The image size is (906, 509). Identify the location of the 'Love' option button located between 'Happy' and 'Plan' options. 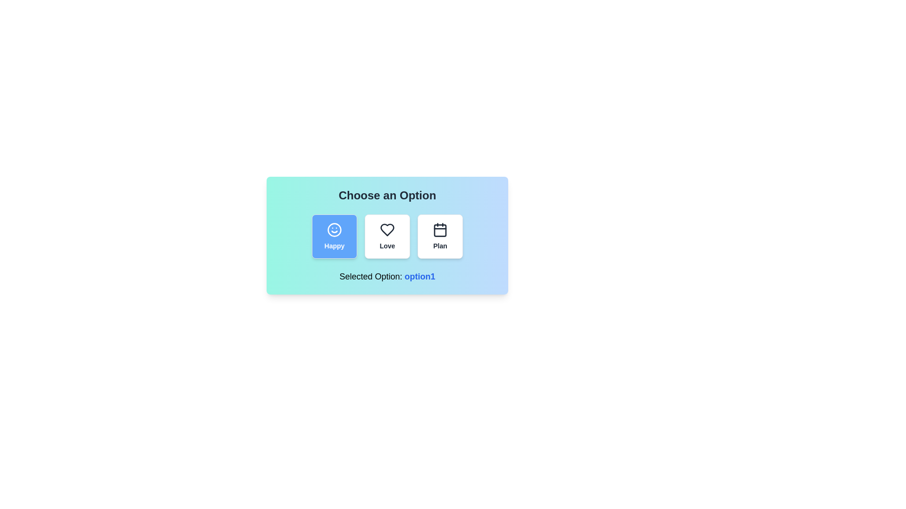
(387, 236).